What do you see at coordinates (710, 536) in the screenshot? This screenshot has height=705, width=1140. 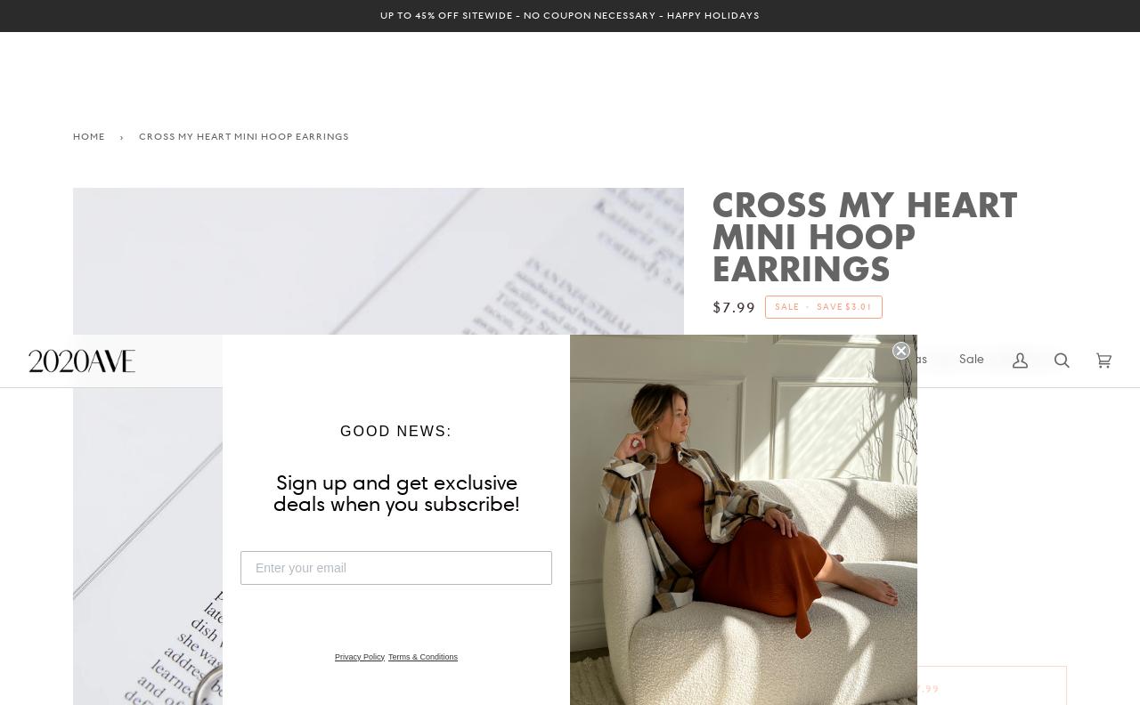 I see `'Cross My Heart Mini Hoop Earrings'` at bounding box center [710, 536].